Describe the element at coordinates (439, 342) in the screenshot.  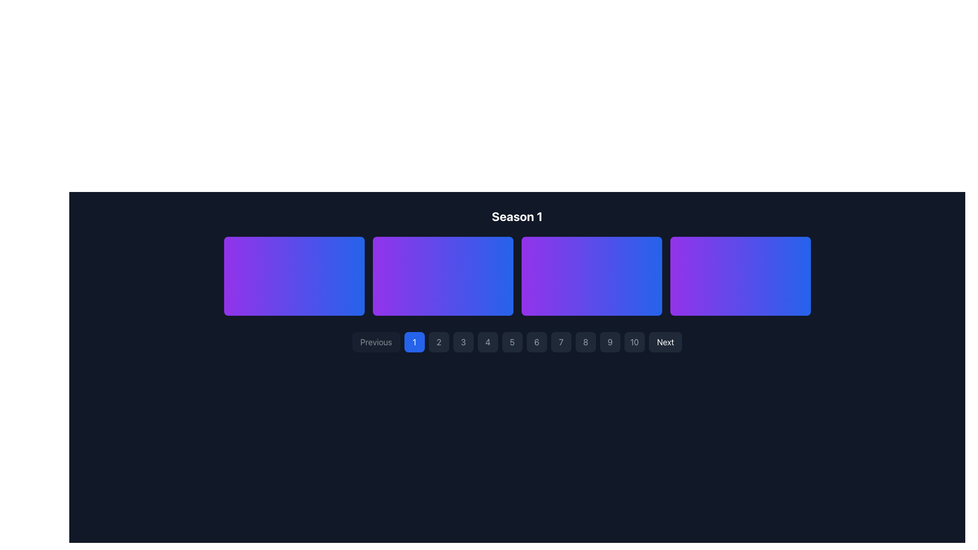
I see `the second pagination button` at that location.